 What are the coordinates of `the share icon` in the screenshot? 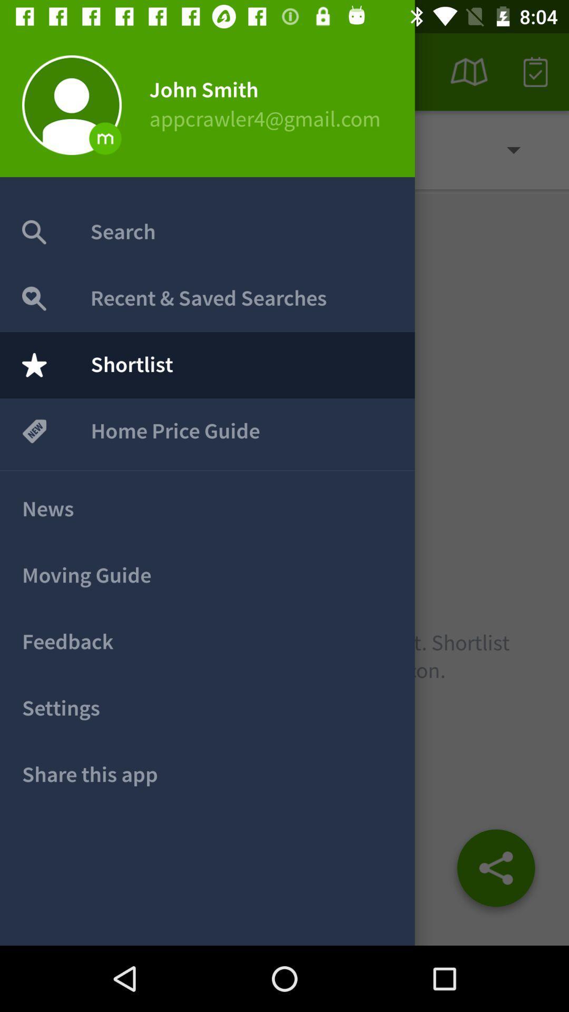 It's located at (496, 872).